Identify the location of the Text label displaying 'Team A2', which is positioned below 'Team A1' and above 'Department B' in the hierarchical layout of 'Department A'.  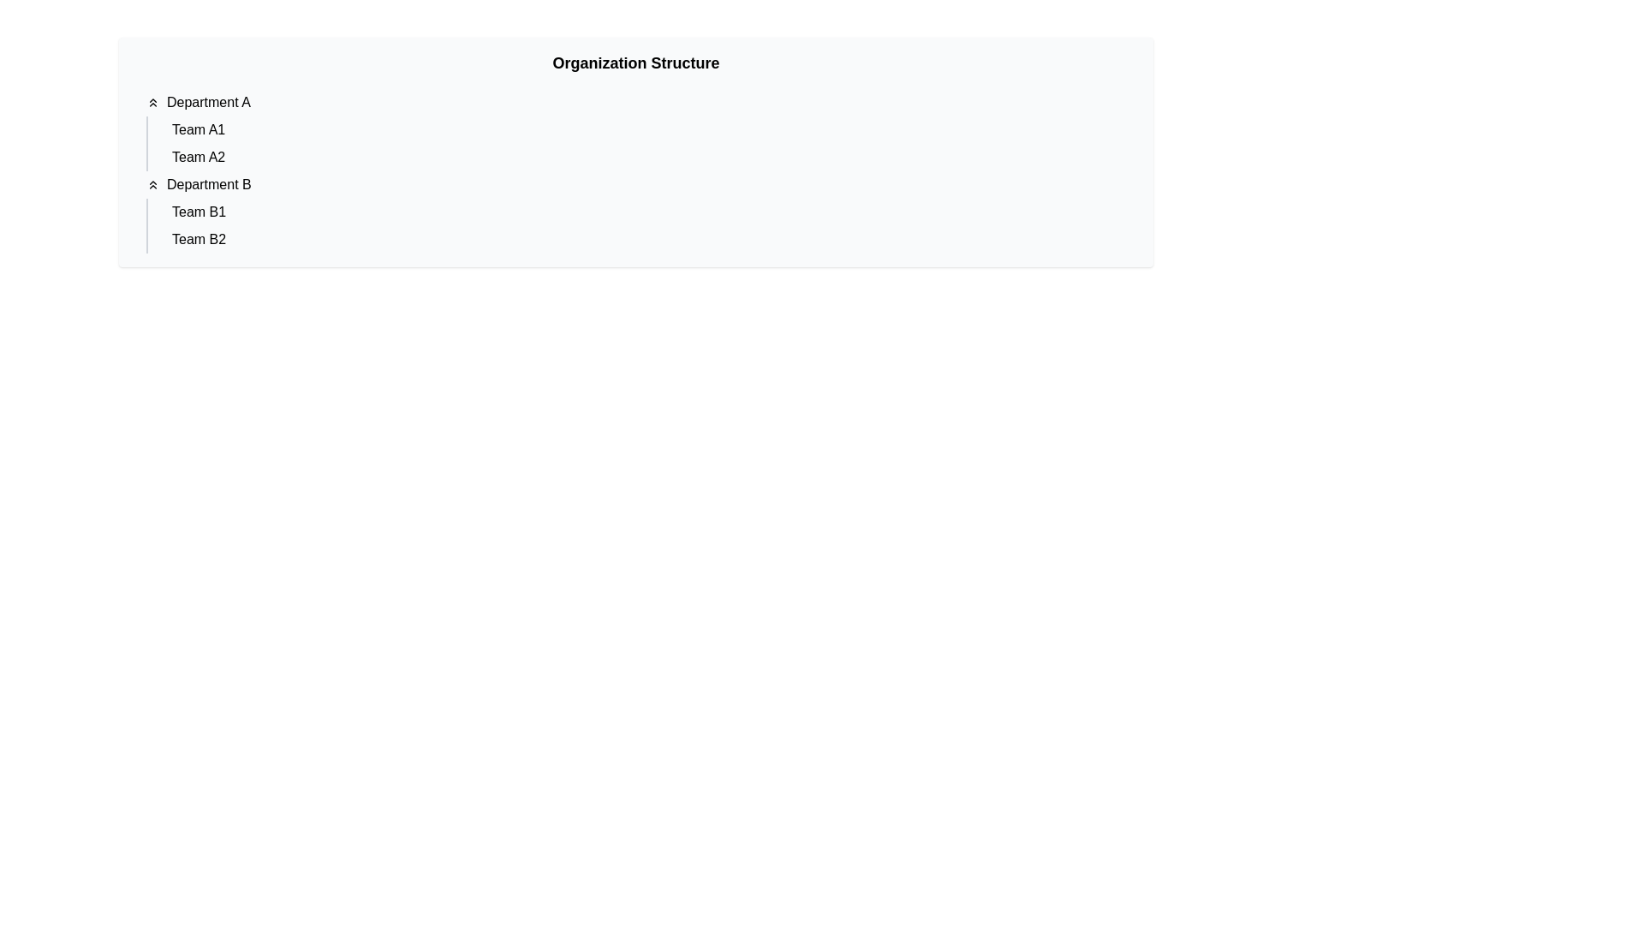
(199, 158).